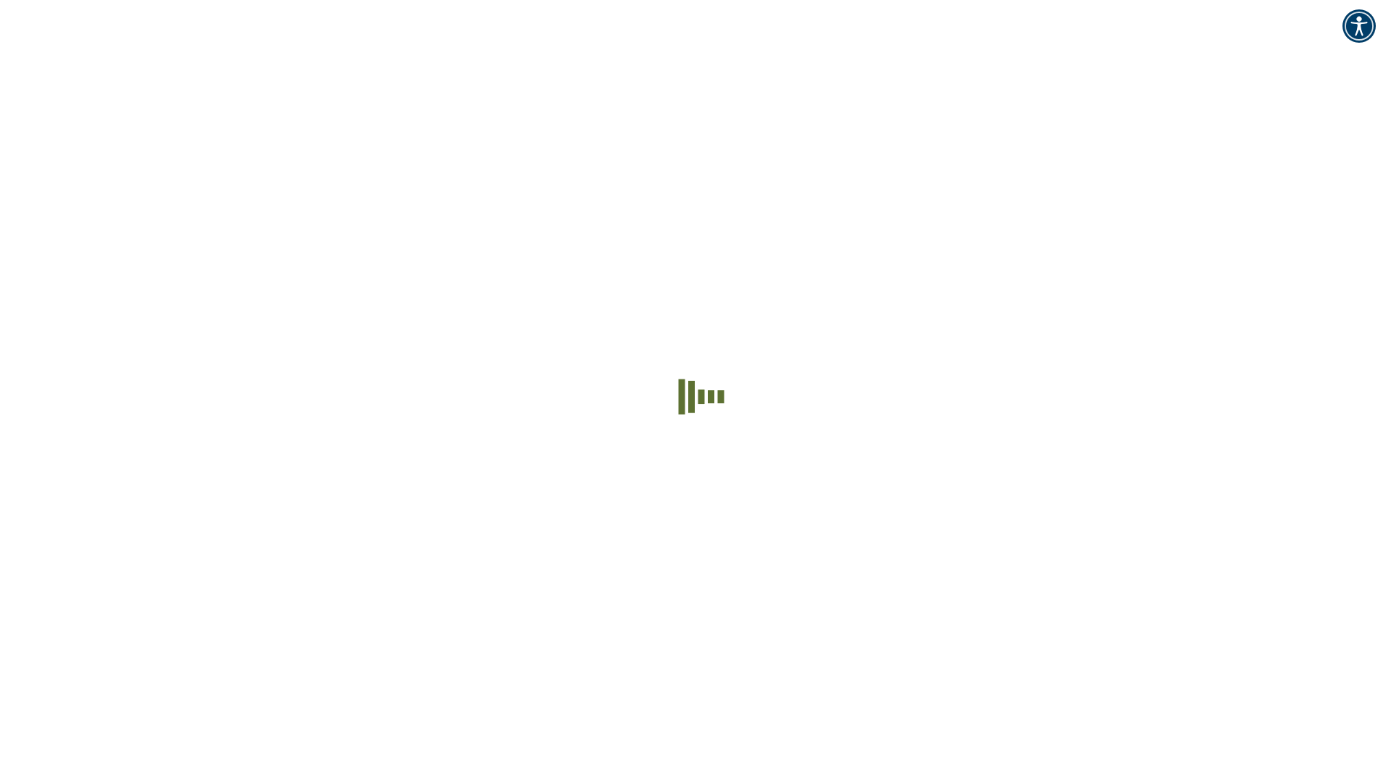  I want to click on 'Toggle fullscreen', so click(41, 612).